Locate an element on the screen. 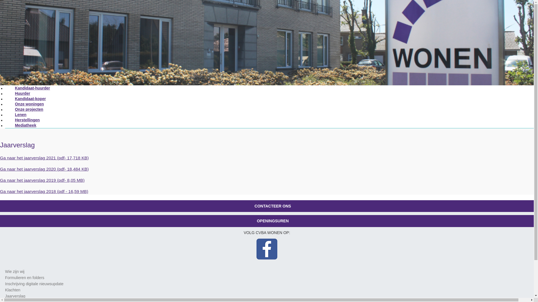 The image size is (538, 302). 'Onze woningen' is located at coordinates (29, 104).